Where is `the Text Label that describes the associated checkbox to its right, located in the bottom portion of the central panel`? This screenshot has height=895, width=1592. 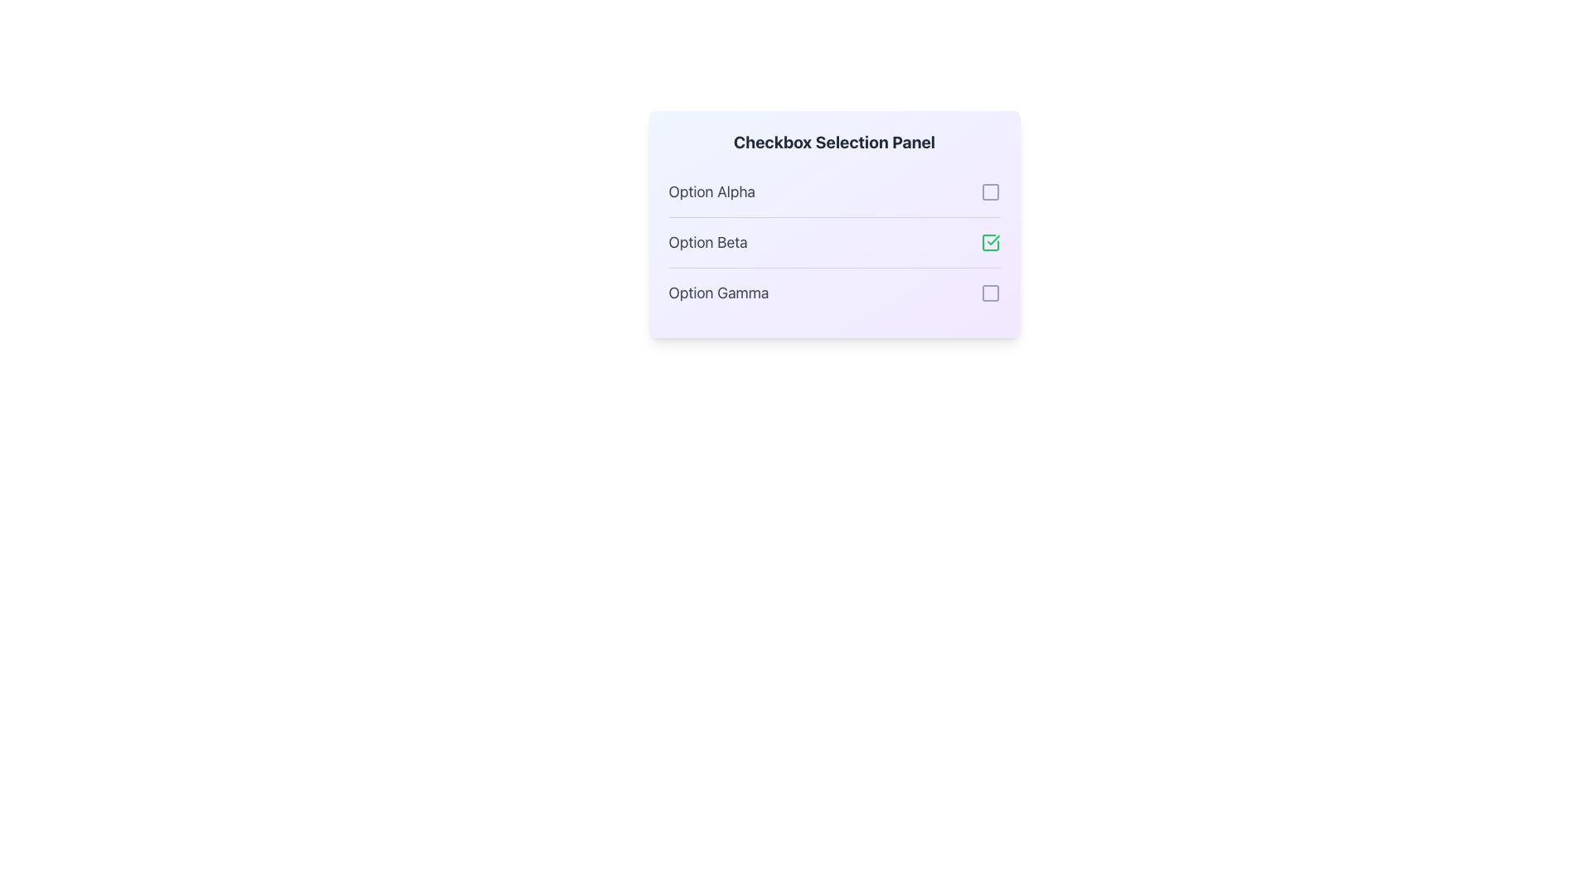 the Text Label that describes the associated checkbox to its right, located in the bottom portion of the central panel is located at coordinates (718, 293).